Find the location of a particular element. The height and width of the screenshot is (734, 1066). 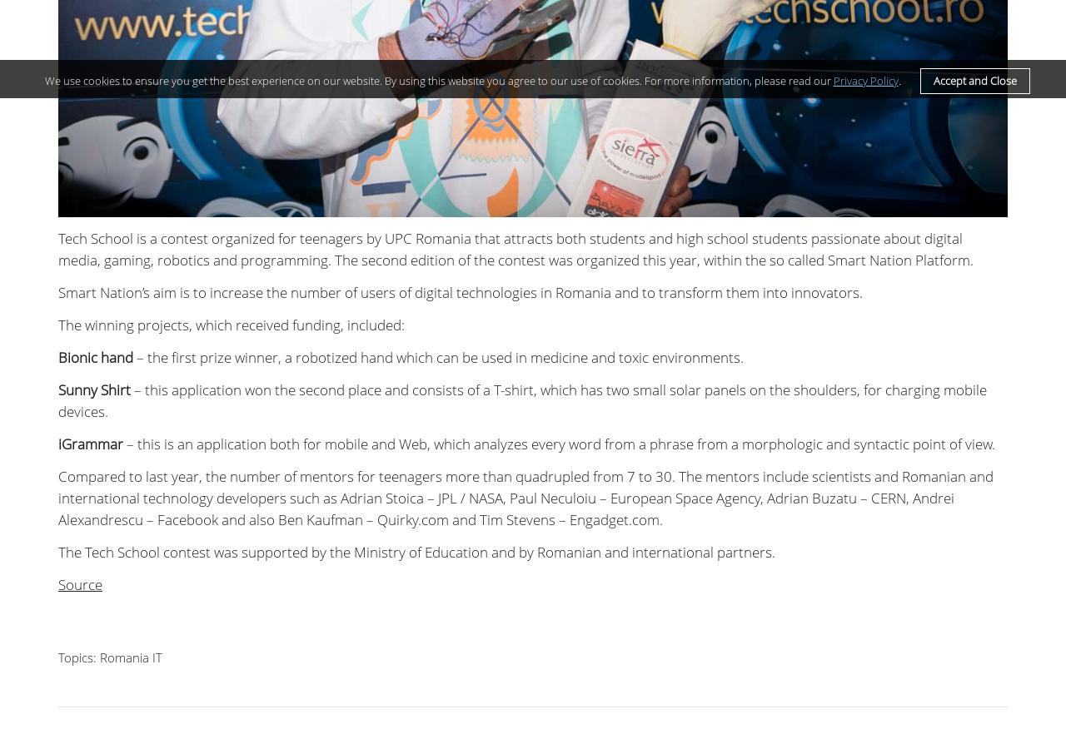

'Topics:' is located at coordinates (77, 657).